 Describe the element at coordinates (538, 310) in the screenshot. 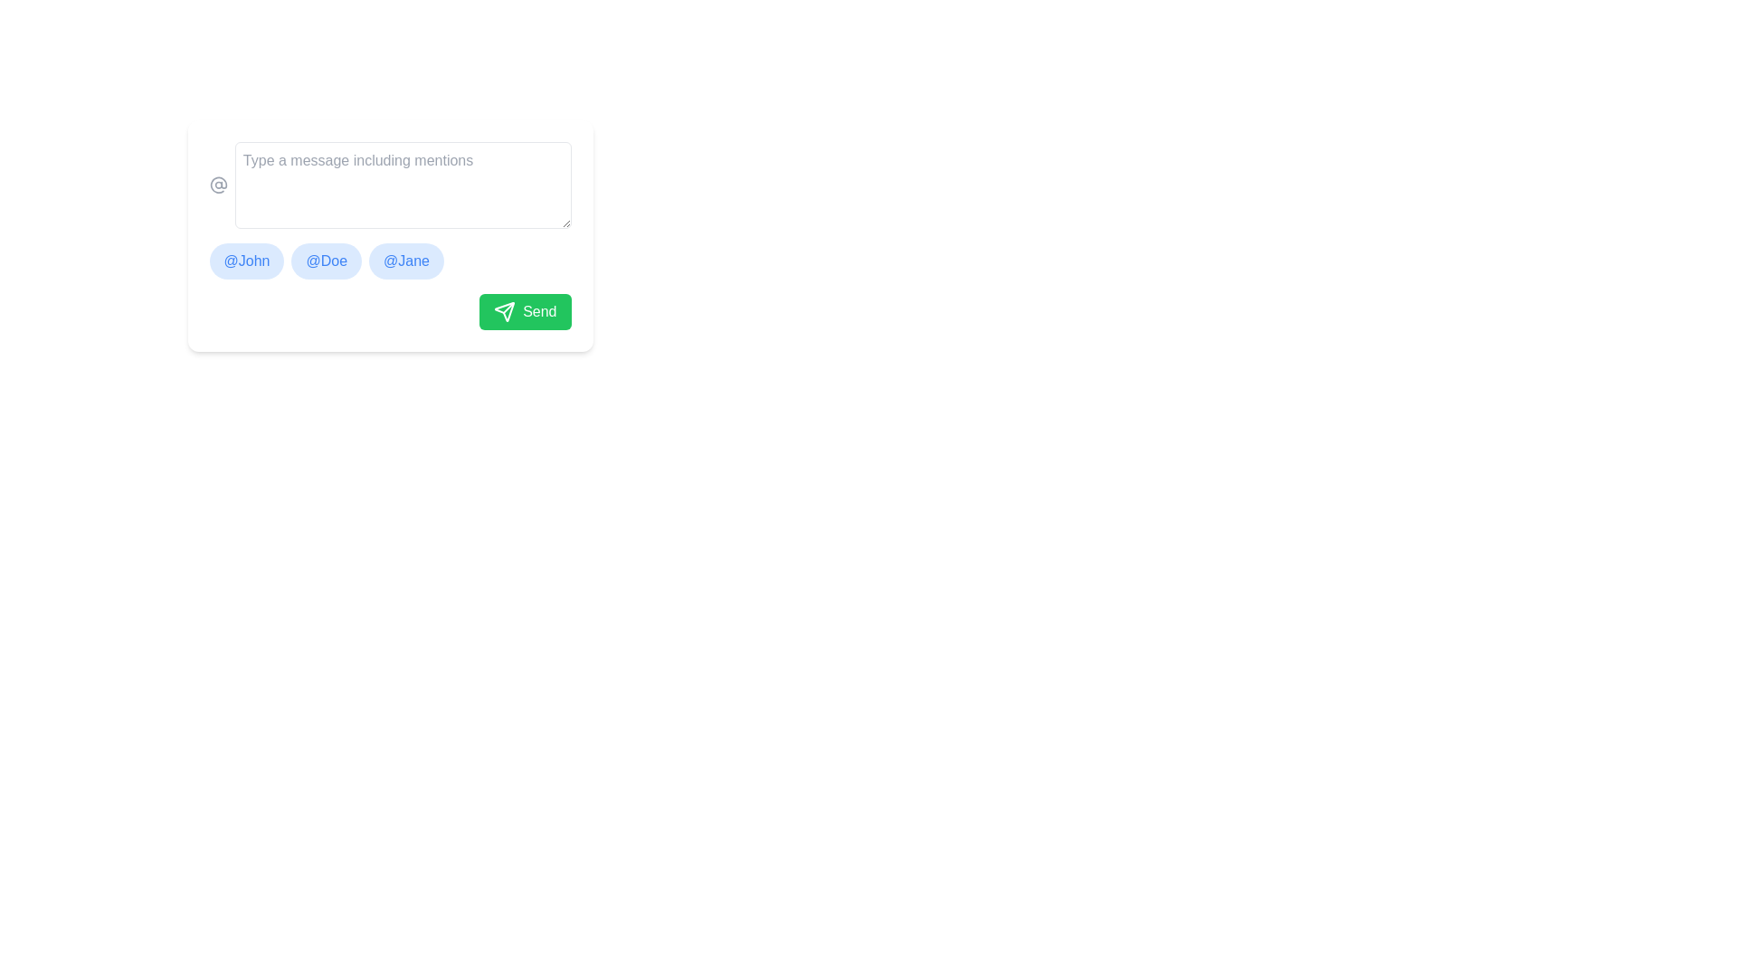

I see `text label displaying 'Send' in white font located within a green button at the bottom right corner of the interface` at that location.